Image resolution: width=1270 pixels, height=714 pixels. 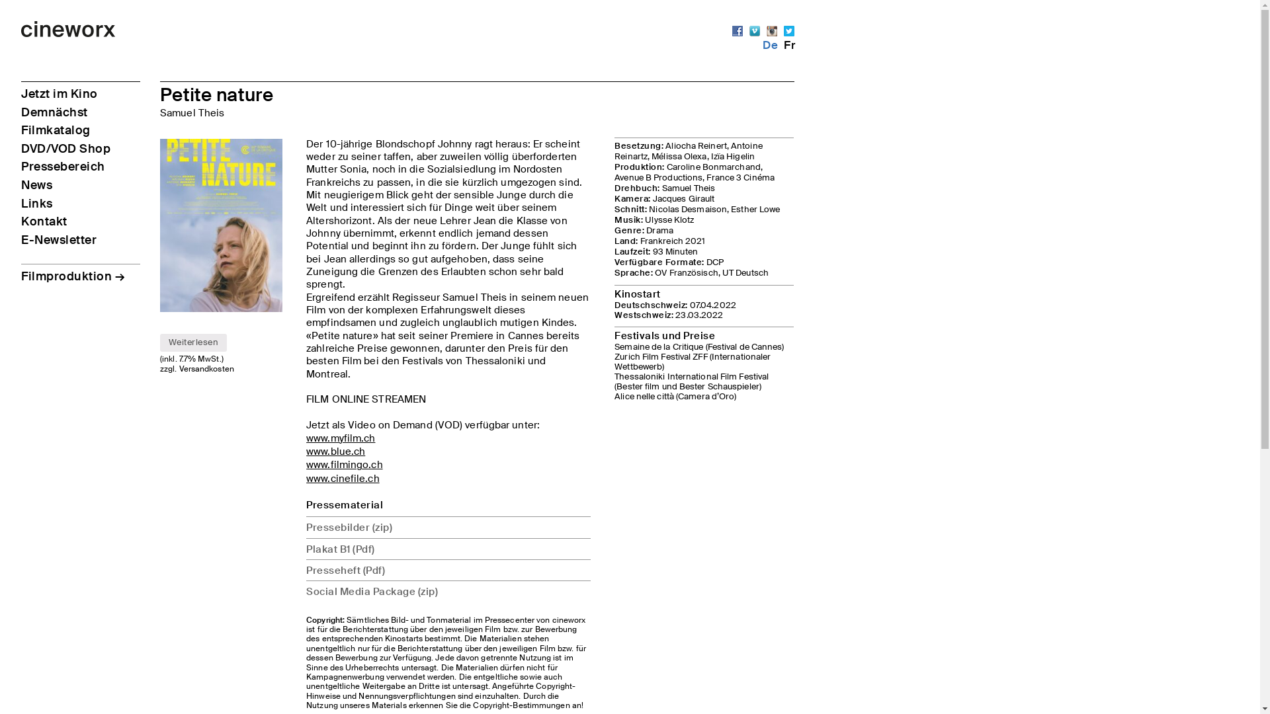 I want to click on 'Pressematerial', so click(x=345, y=504).